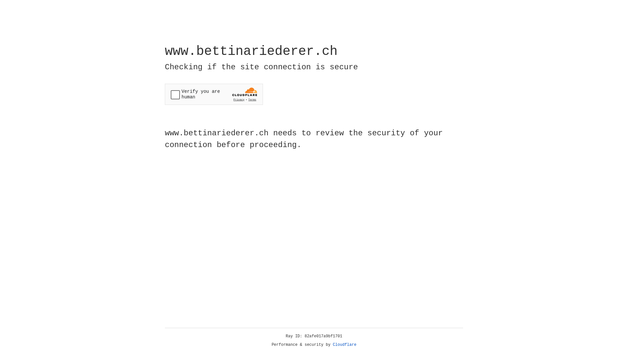 Image resolution: width=628 pixels, height=353 pixels. What do you see at coordinates (344, 345) in the screenshot?
I see `'Cloudflare'` at bounding box center [344, 345].